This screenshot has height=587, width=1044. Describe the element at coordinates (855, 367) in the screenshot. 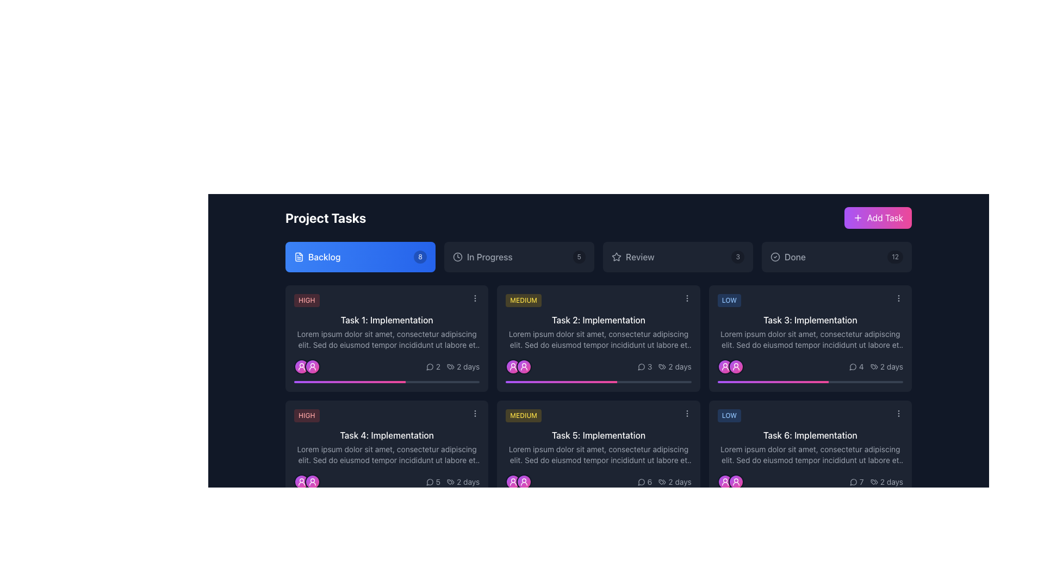

I see `the gray-colored number '4' next to the speech bubble icon` at that location.